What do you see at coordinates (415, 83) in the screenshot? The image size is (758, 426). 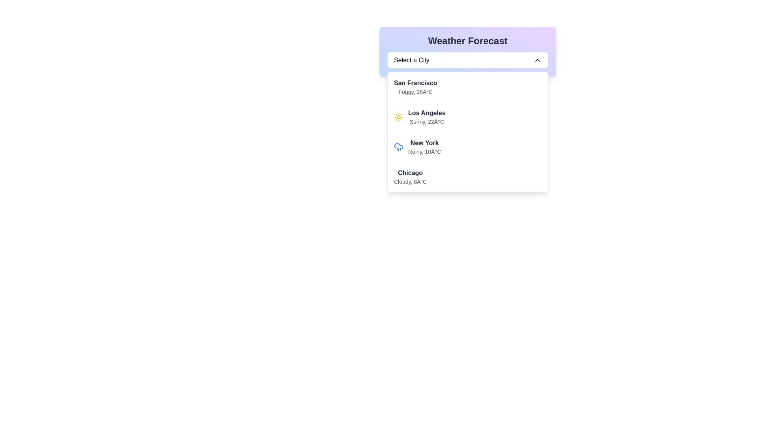 I see `the text label displaying 'San Francisco', which is in bold dark gray font and positioned at the top of the dropdown list of cities under the 'Weather Forecast' section` at bounding box center [415, 83].